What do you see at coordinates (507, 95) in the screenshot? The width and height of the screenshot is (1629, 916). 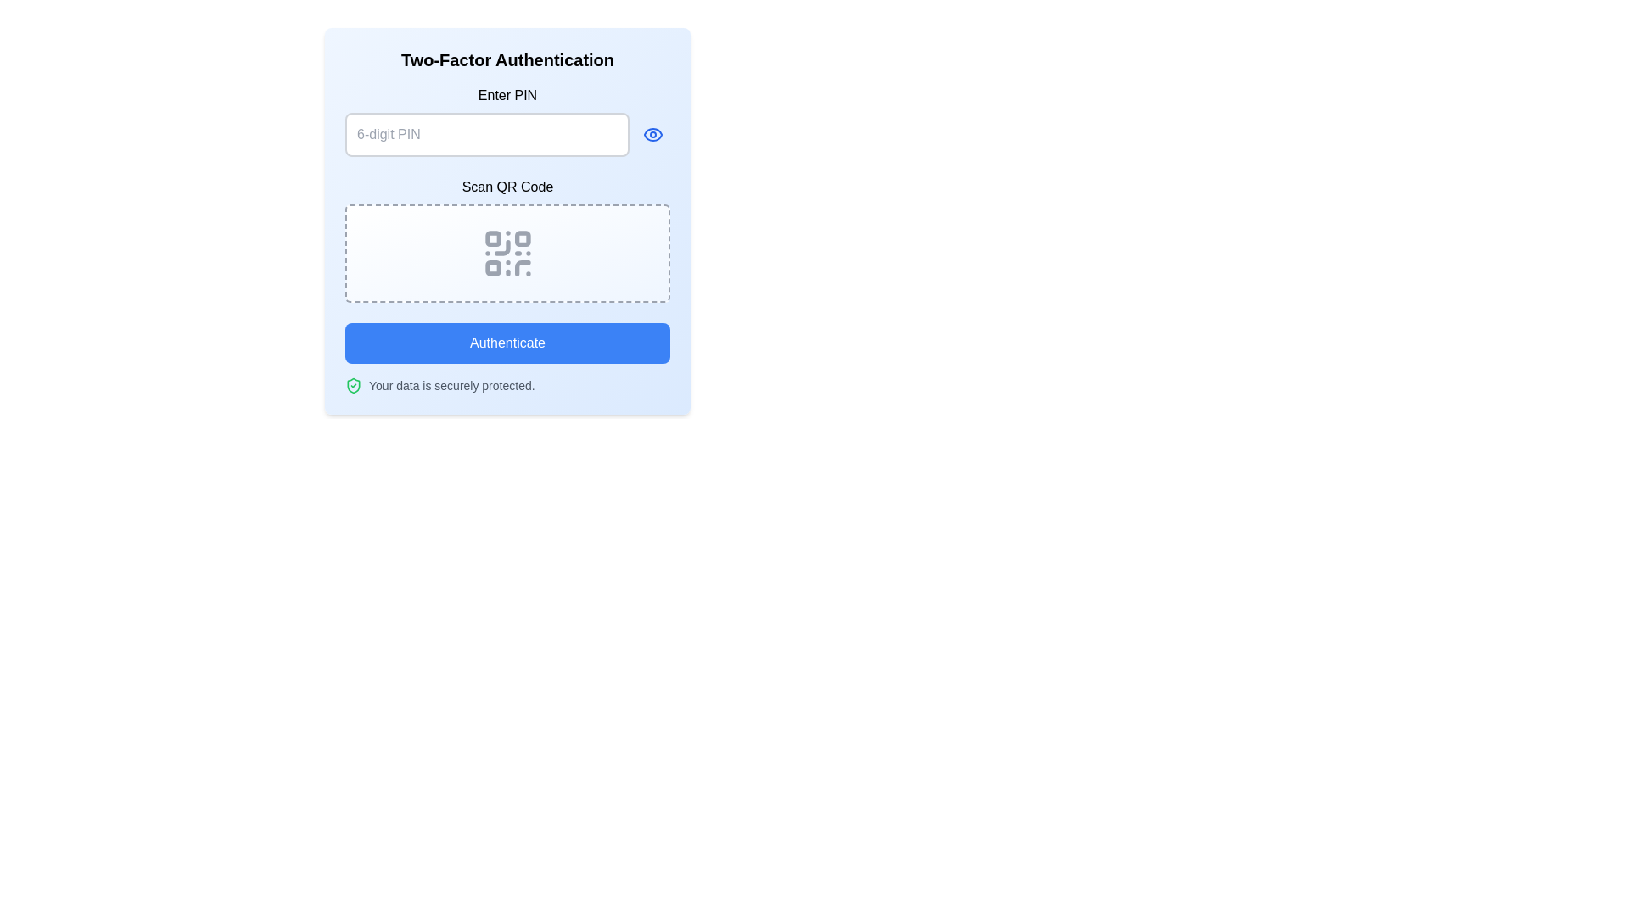 I see `the Text Label that provides context for the PIN entry input field, located at the upper-center part of the panel` at bounding box center [507, 95].